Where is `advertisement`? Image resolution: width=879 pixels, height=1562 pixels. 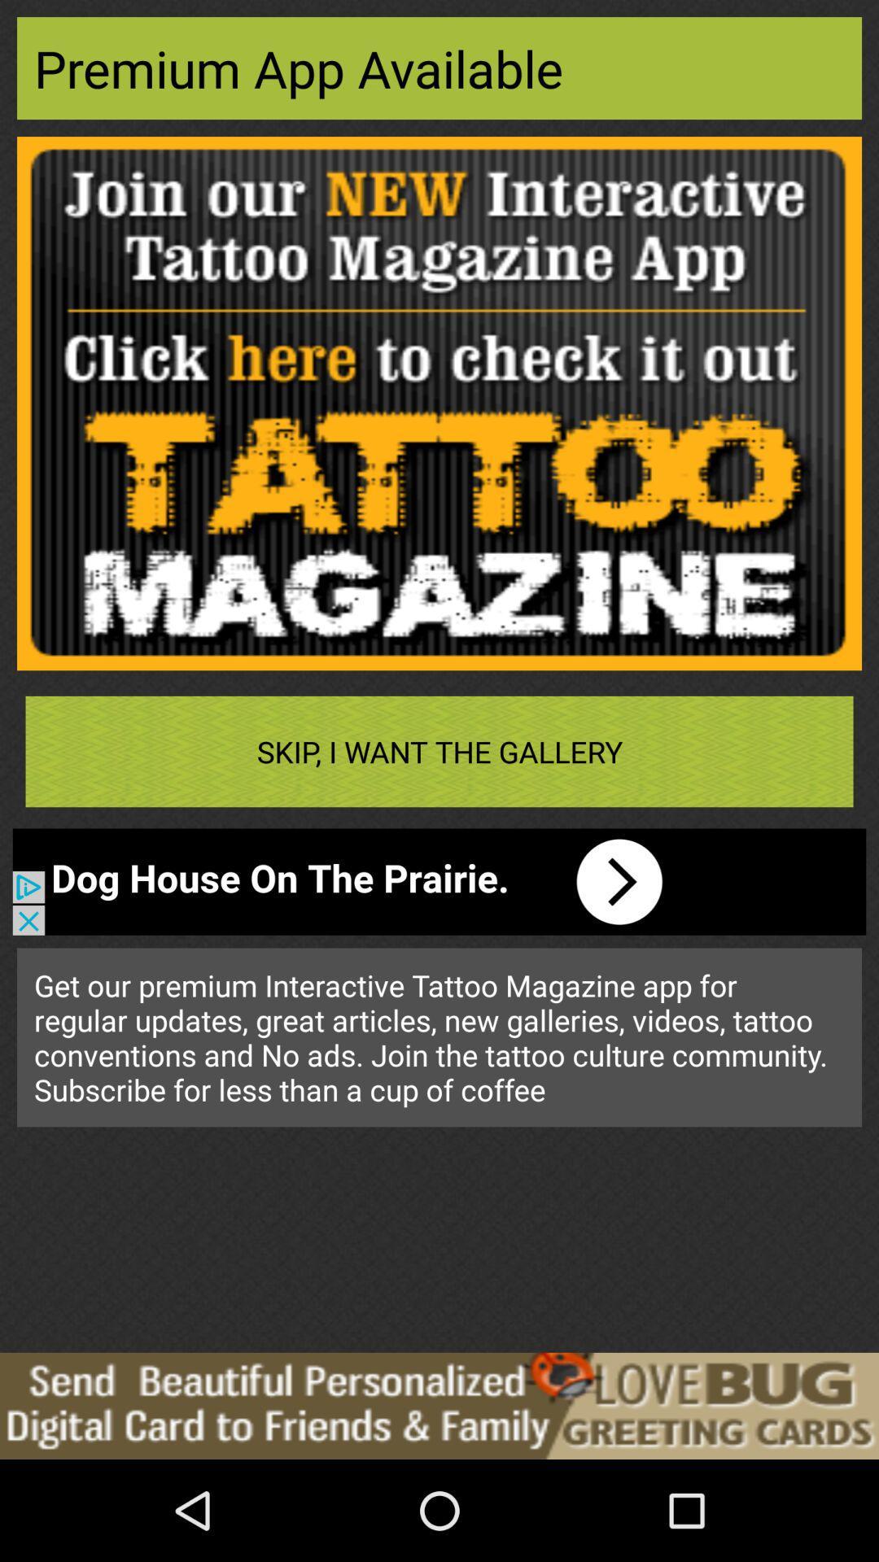 advertisement is located at coordinates (439, 404).